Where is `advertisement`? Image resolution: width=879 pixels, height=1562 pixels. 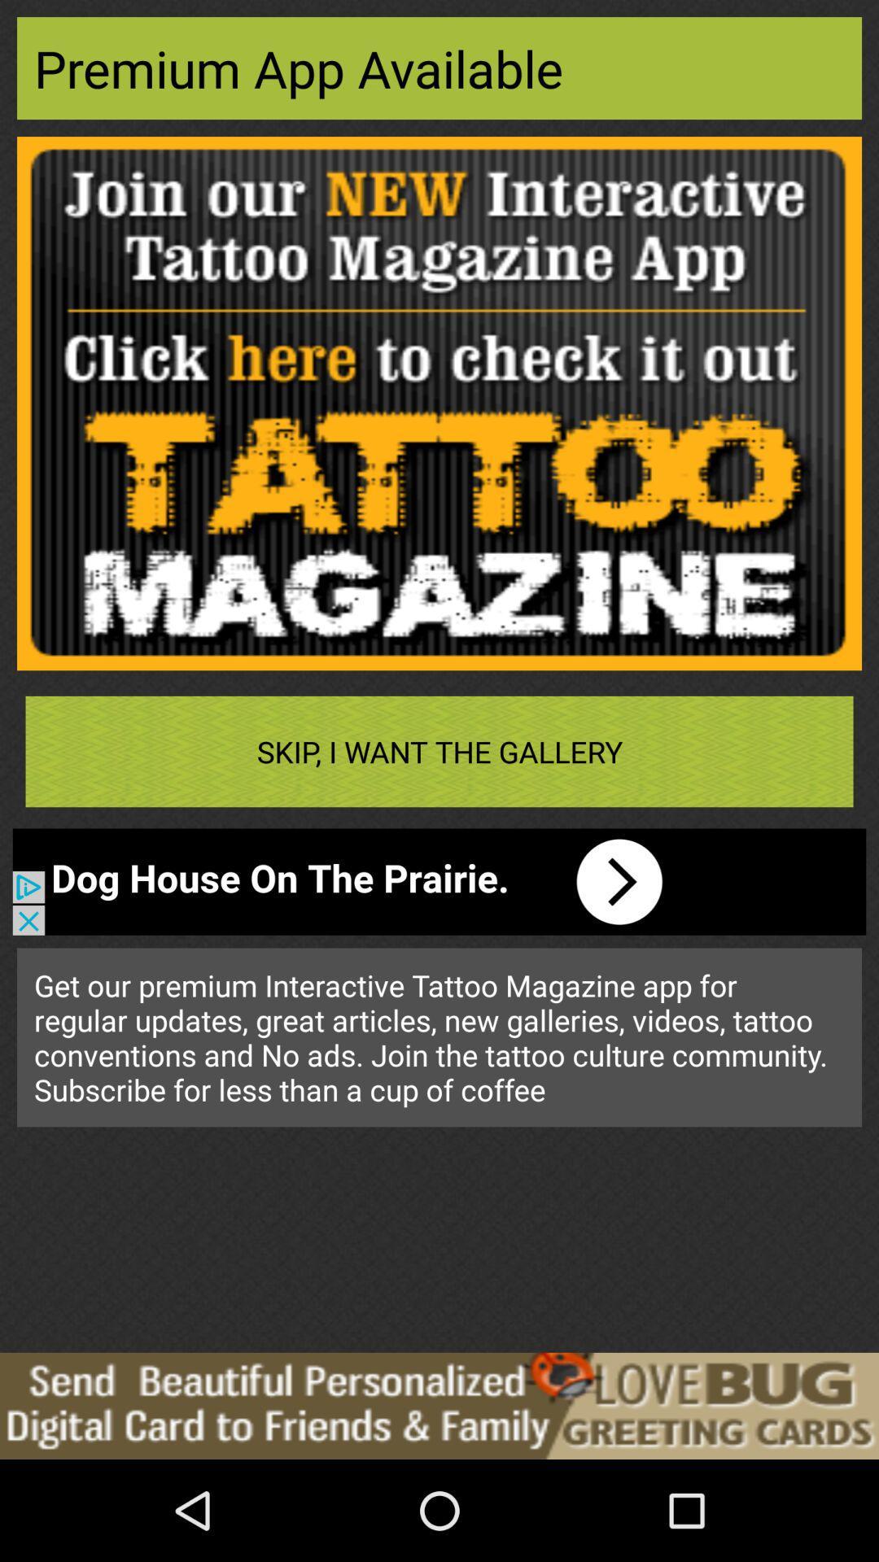 advertisement is located at coordinates (439, 404).